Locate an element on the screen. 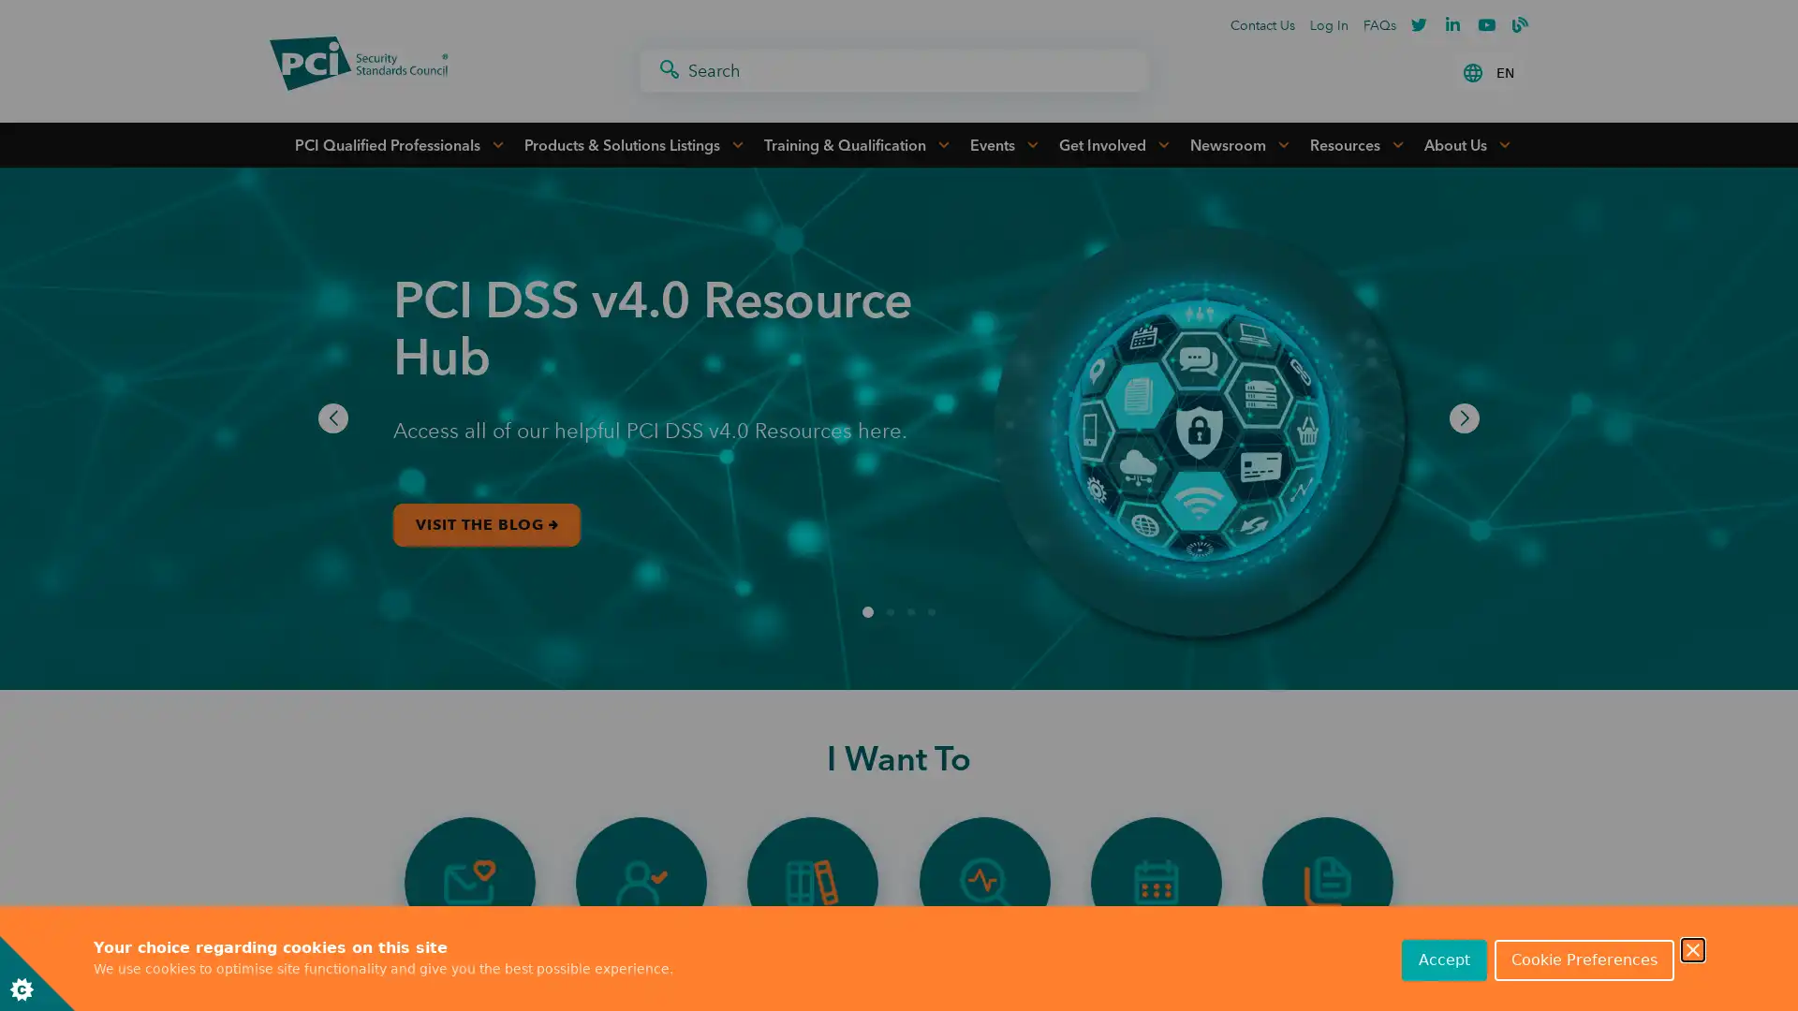 The height and width of the screenshot is (1011, 1798). Close is located at coordinates (1693, 949).